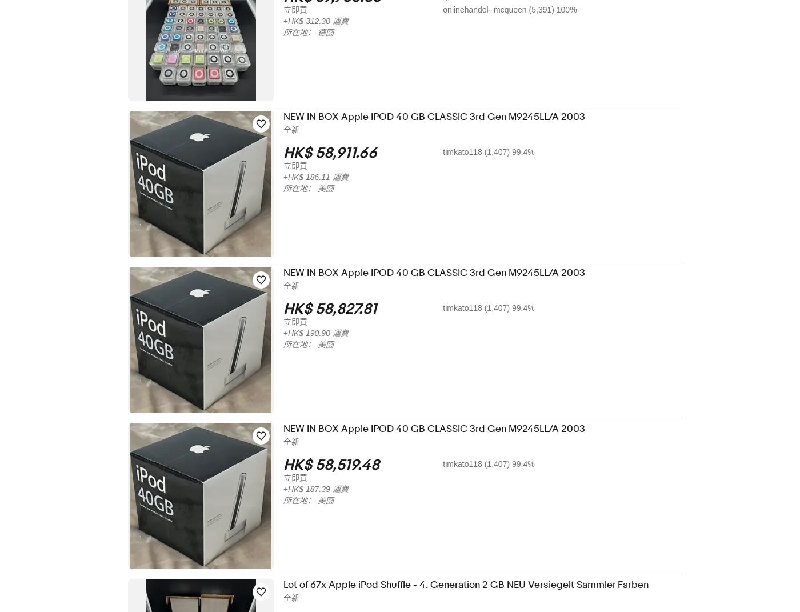 This screenshot has width=800, height=612. I want to click on 'HK$ 58,519.48', so click(339, 465).